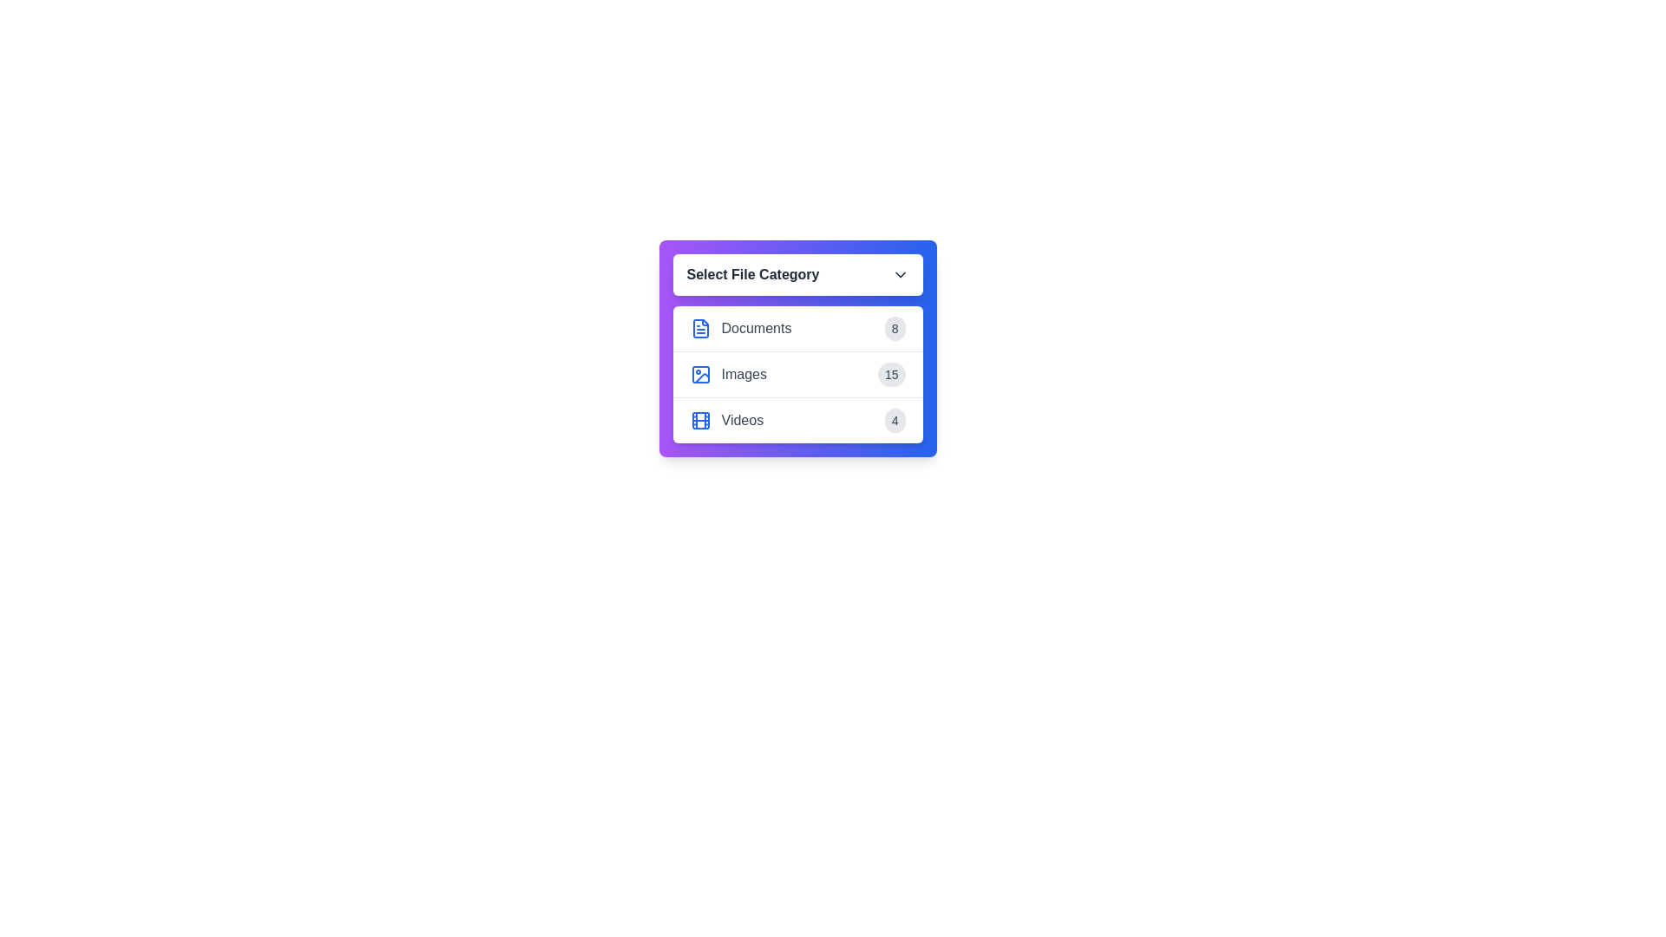 This screenshot has height=937, width=1666. I want to click on numerical value displayed by the badge indicating the count of items associated with the 'Documents' category, located to the right of the 'Documents' label in the list of file categories, so click(895, 328).